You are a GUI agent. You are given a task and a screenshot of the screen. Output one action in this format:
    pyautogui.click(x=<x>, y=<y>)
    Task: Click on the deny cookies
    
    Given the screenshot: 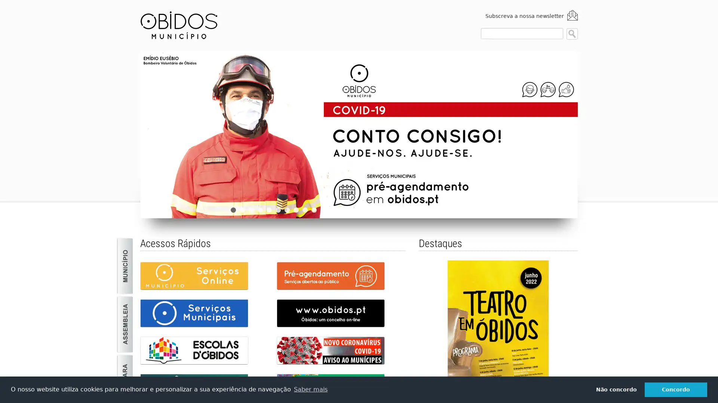 What is the action you would take?
    pyautogui.click(x=616, y=389)
    